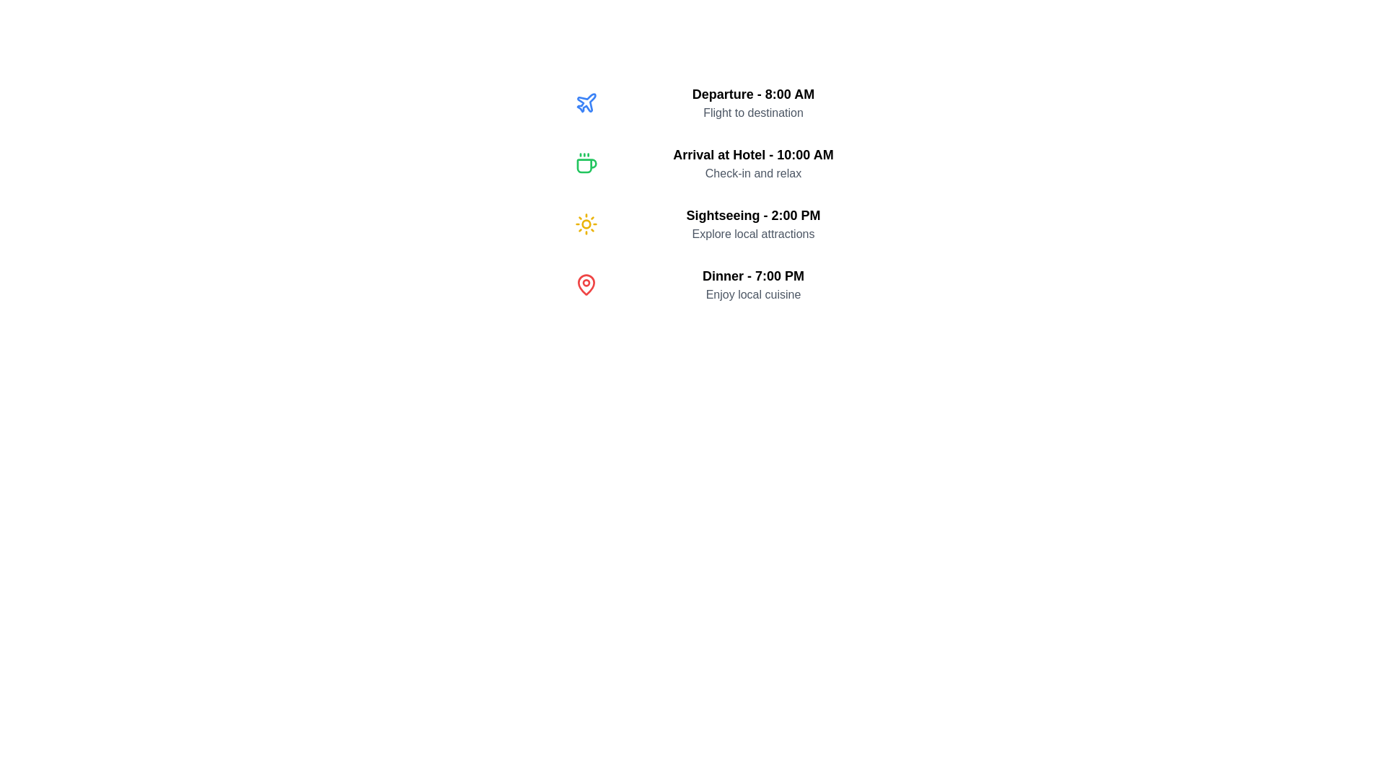 This screenshot has height=779, width=1385. What do you see at coordinates (586, 102) in the screenshot?
I see `the airplane icon represented by an SVG graphic, which is located to the left of the text 'Departure - 8:00 AM'` at bounding box center [586, 102].